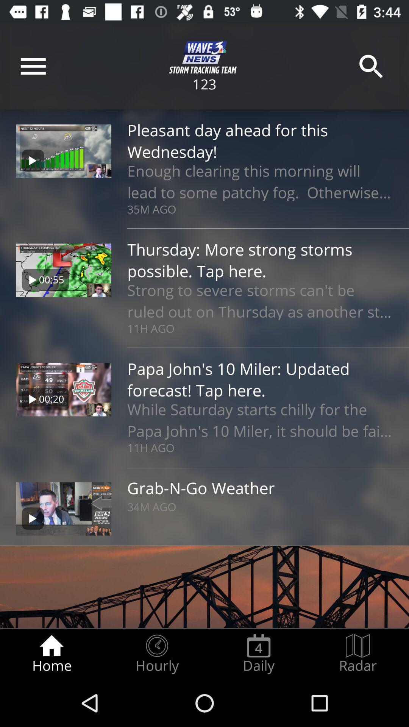 This screenshot has height=727, width=409. Describe the element at coordinates (51, 654) in the screenshot. I see `the home radio button` at that location.